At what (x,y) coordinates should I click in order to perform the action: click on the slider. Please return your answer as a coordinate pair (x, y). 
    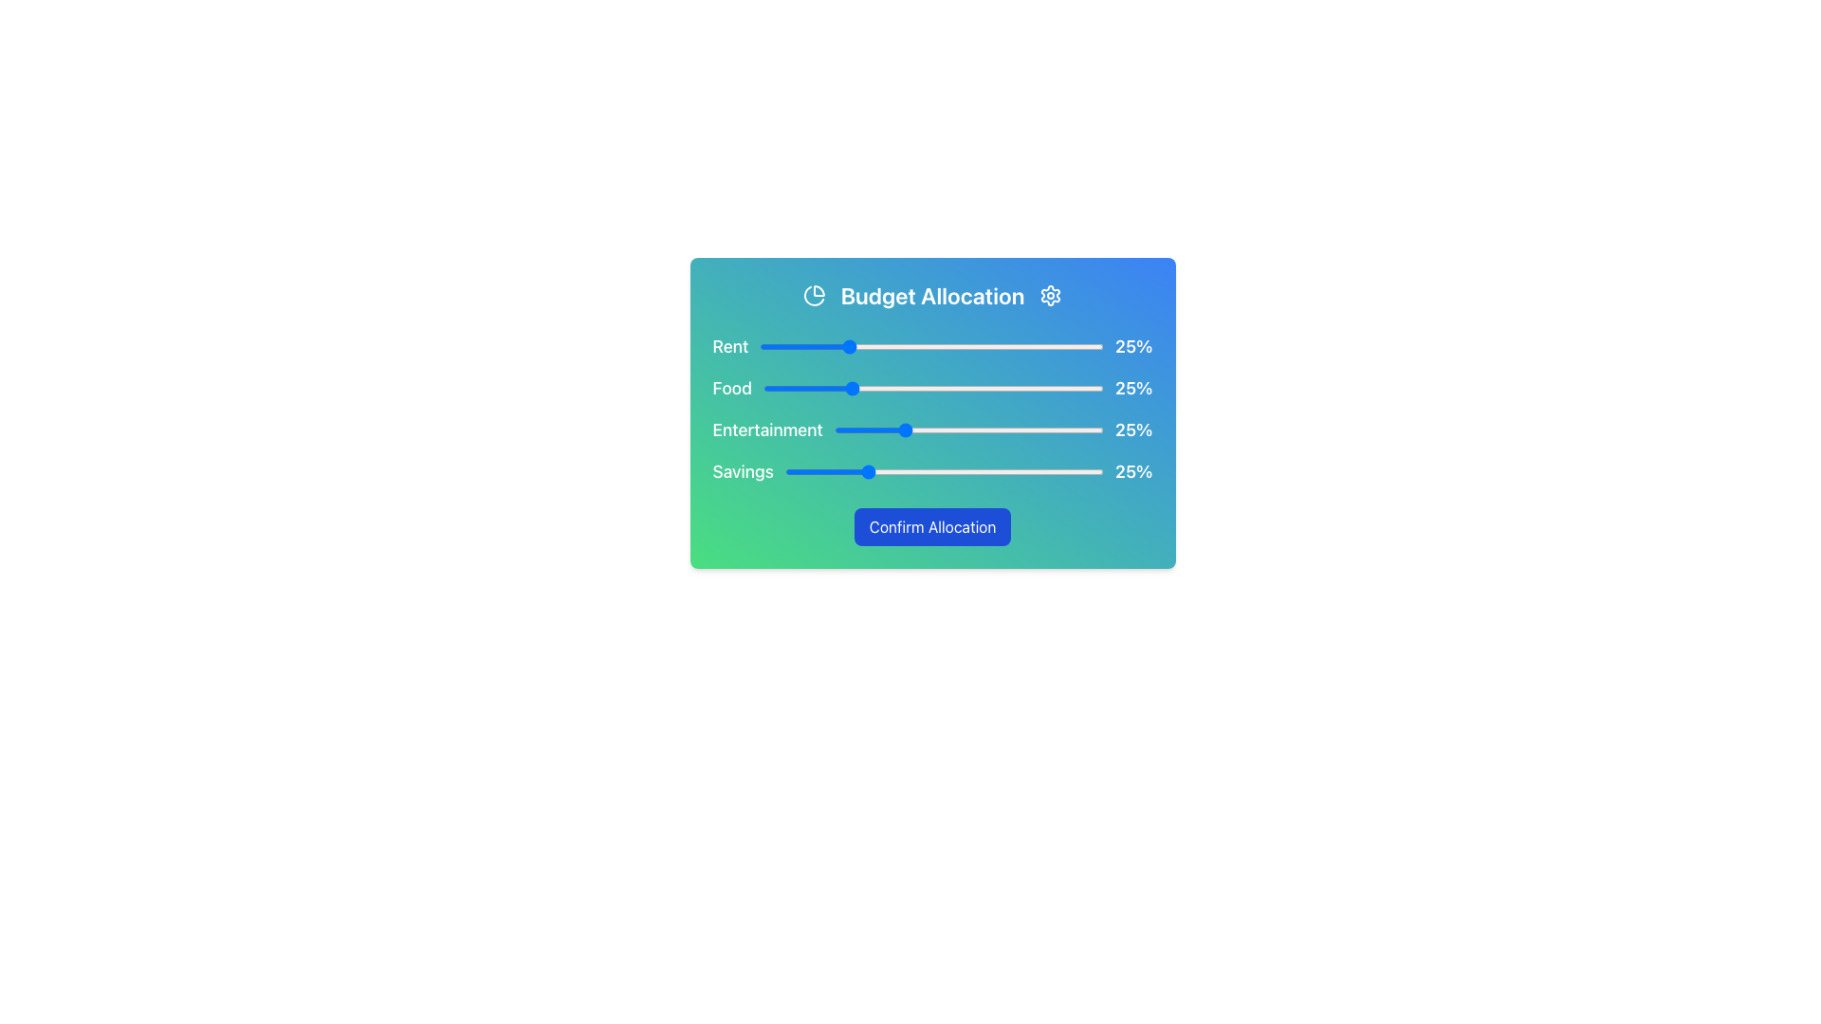
    Looking at the image, I should click on (763, 387).